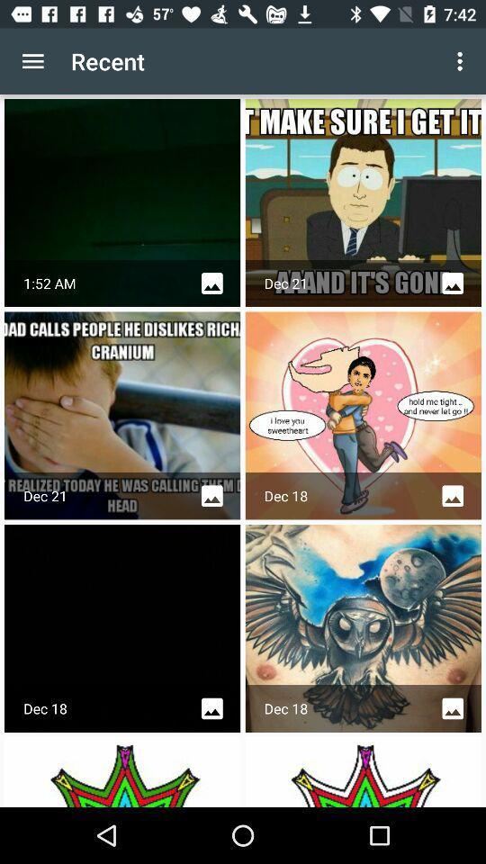 The width and height of the screenshot is (486, 864). What do you see at coordinates (462, 61) in the screenshot?
I see `icon to the right of recent` at bounding box center [462, 61].